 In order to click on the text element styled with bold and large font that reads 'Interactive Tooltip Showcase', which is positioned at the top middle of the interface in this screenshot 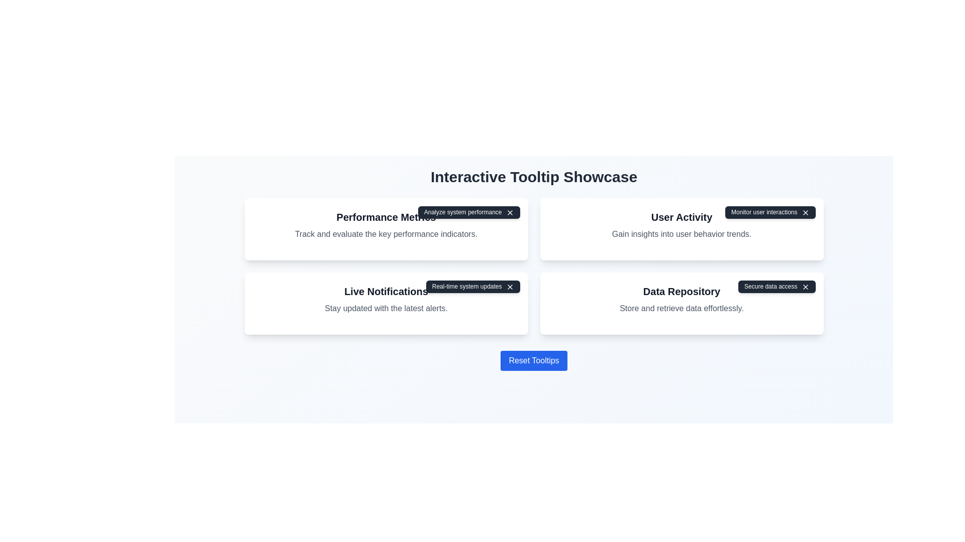, I will do `click(533, 177)`.